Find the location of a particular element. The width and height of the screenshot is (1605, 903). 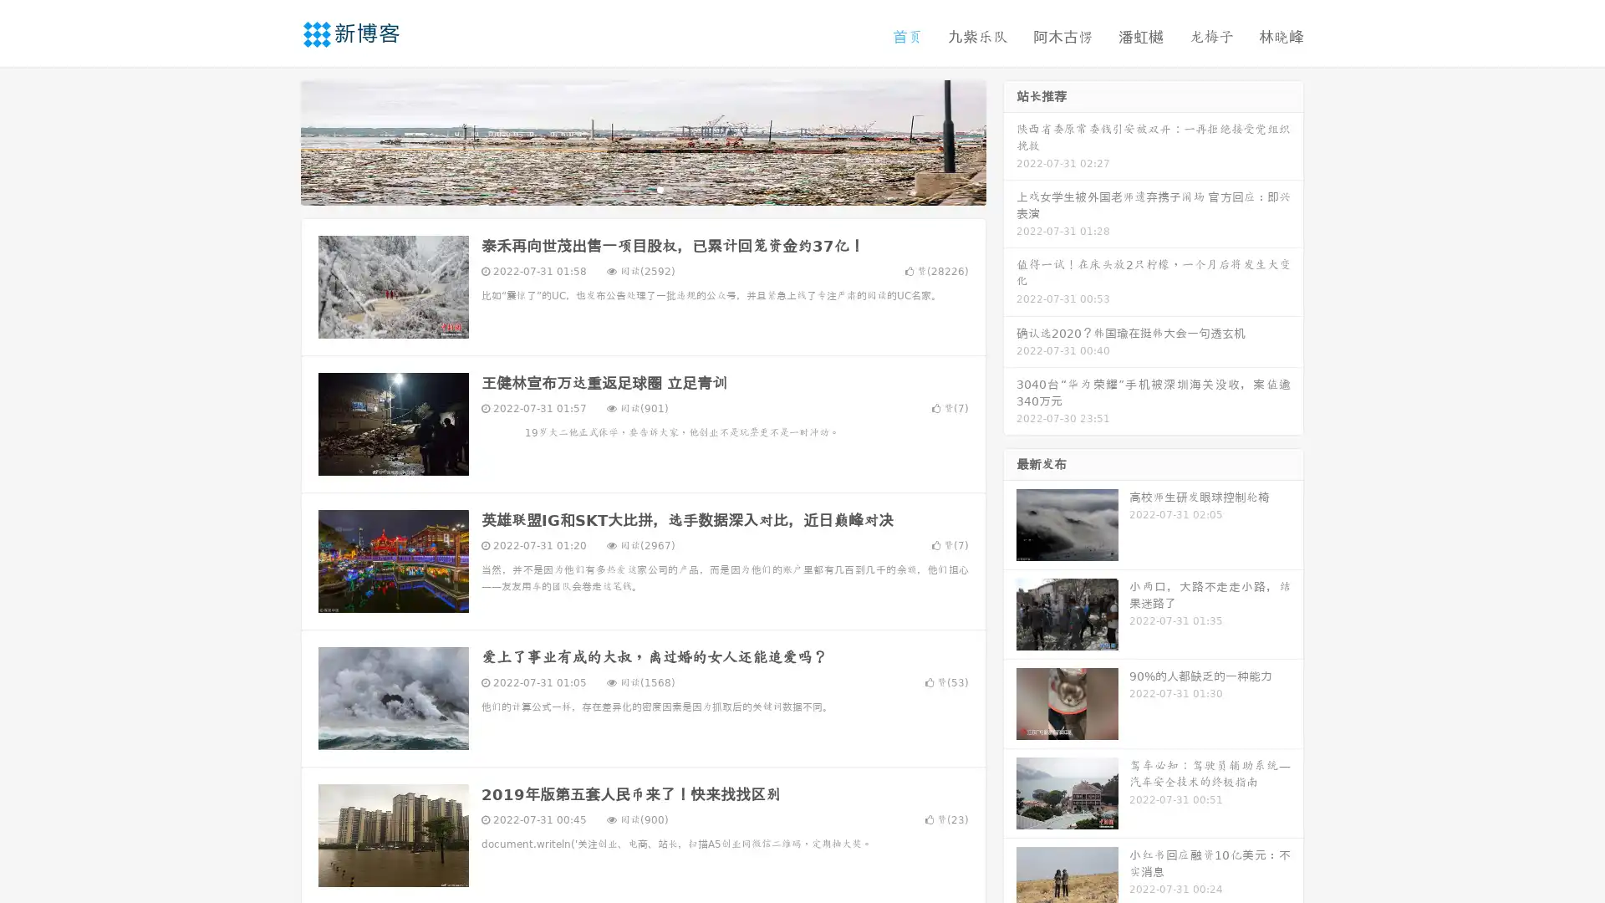

Go to slide 1 is located at coordinates (625, 188).